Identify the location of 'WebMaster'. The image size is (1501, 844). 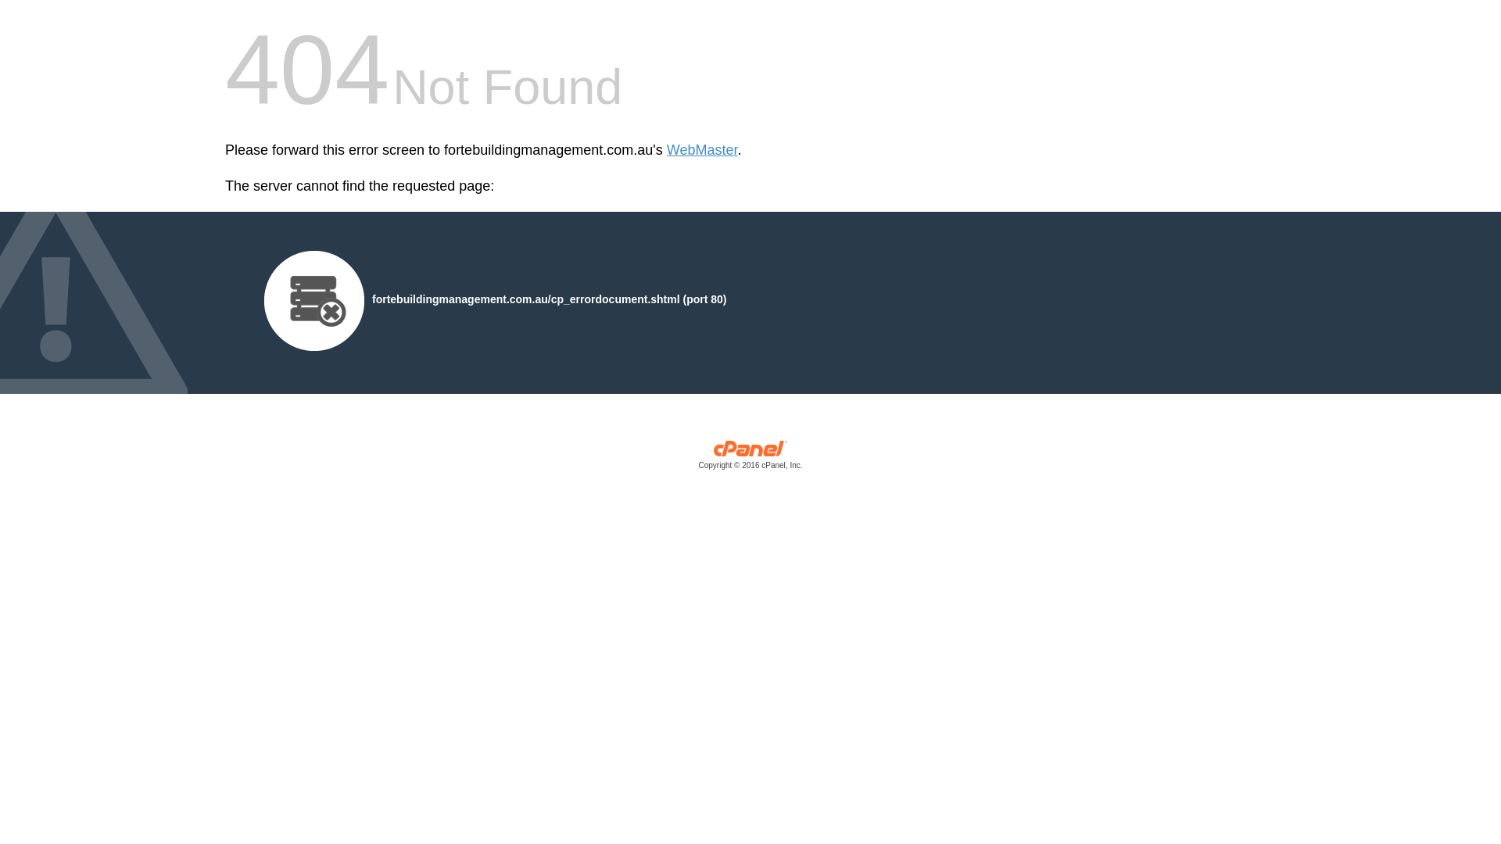
(701, 150).